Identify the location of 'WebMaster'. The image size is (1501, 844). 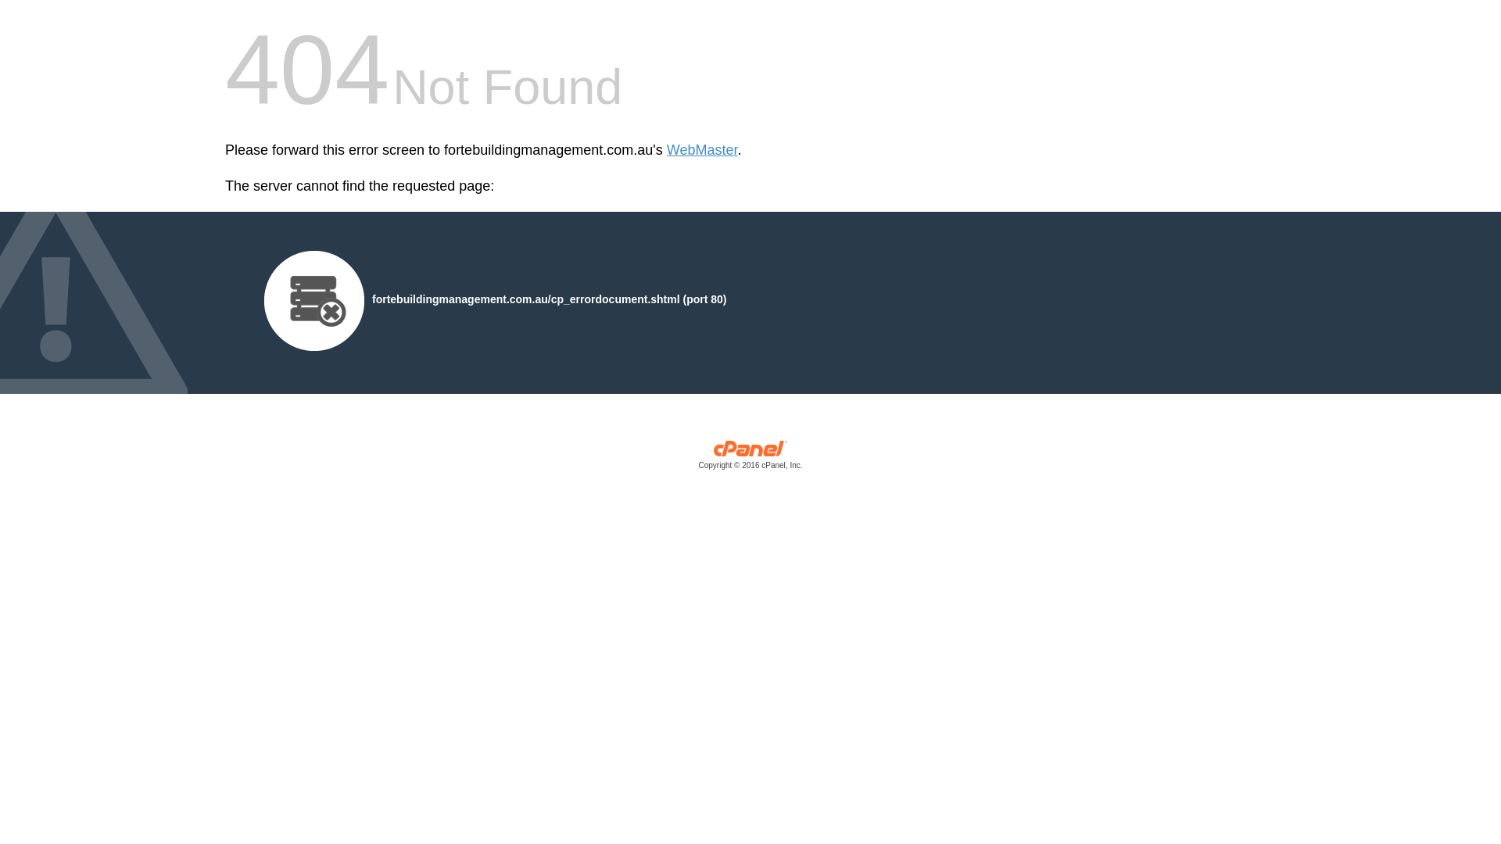
(701, 150).